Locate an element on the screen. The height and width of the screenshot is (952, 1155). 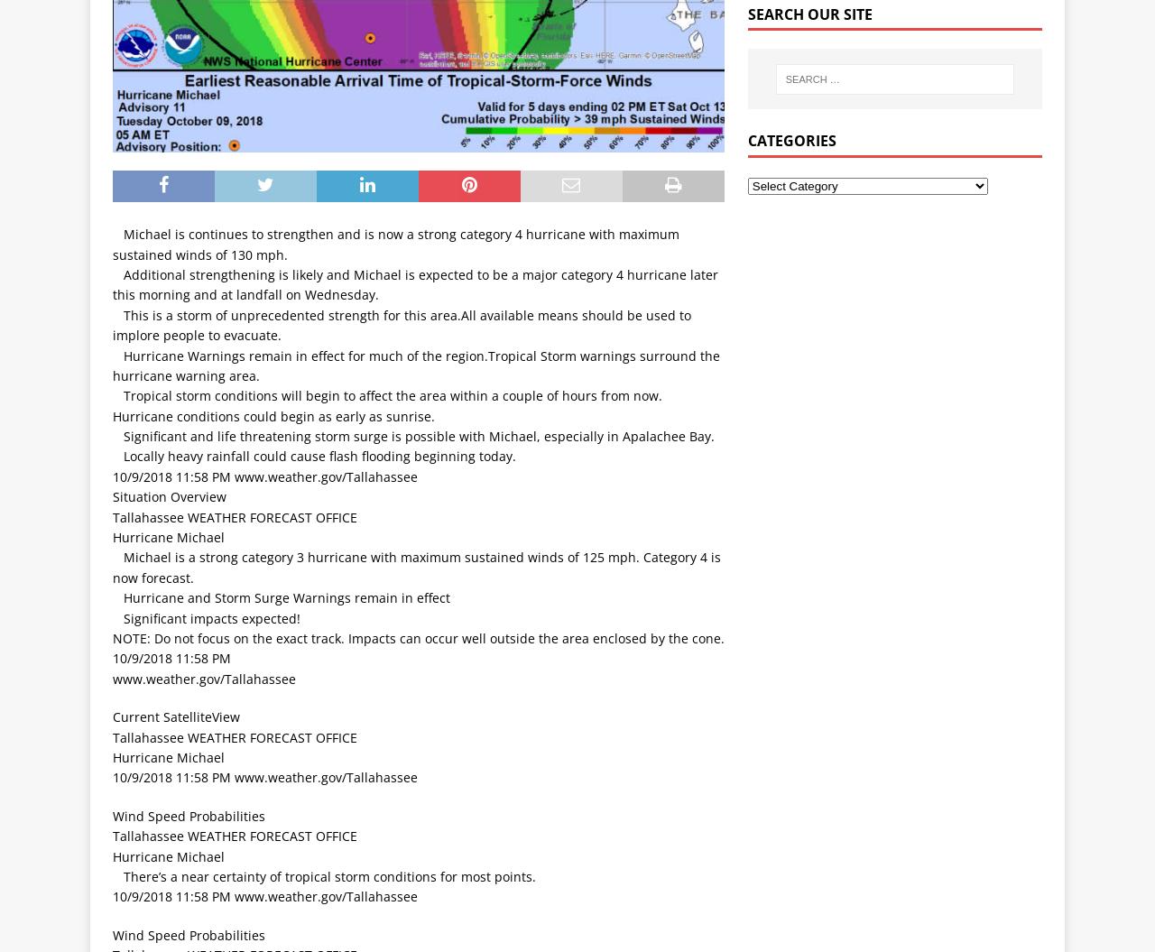
'10/9/2018 11:58 PM' is located at coordinates (171, 658).